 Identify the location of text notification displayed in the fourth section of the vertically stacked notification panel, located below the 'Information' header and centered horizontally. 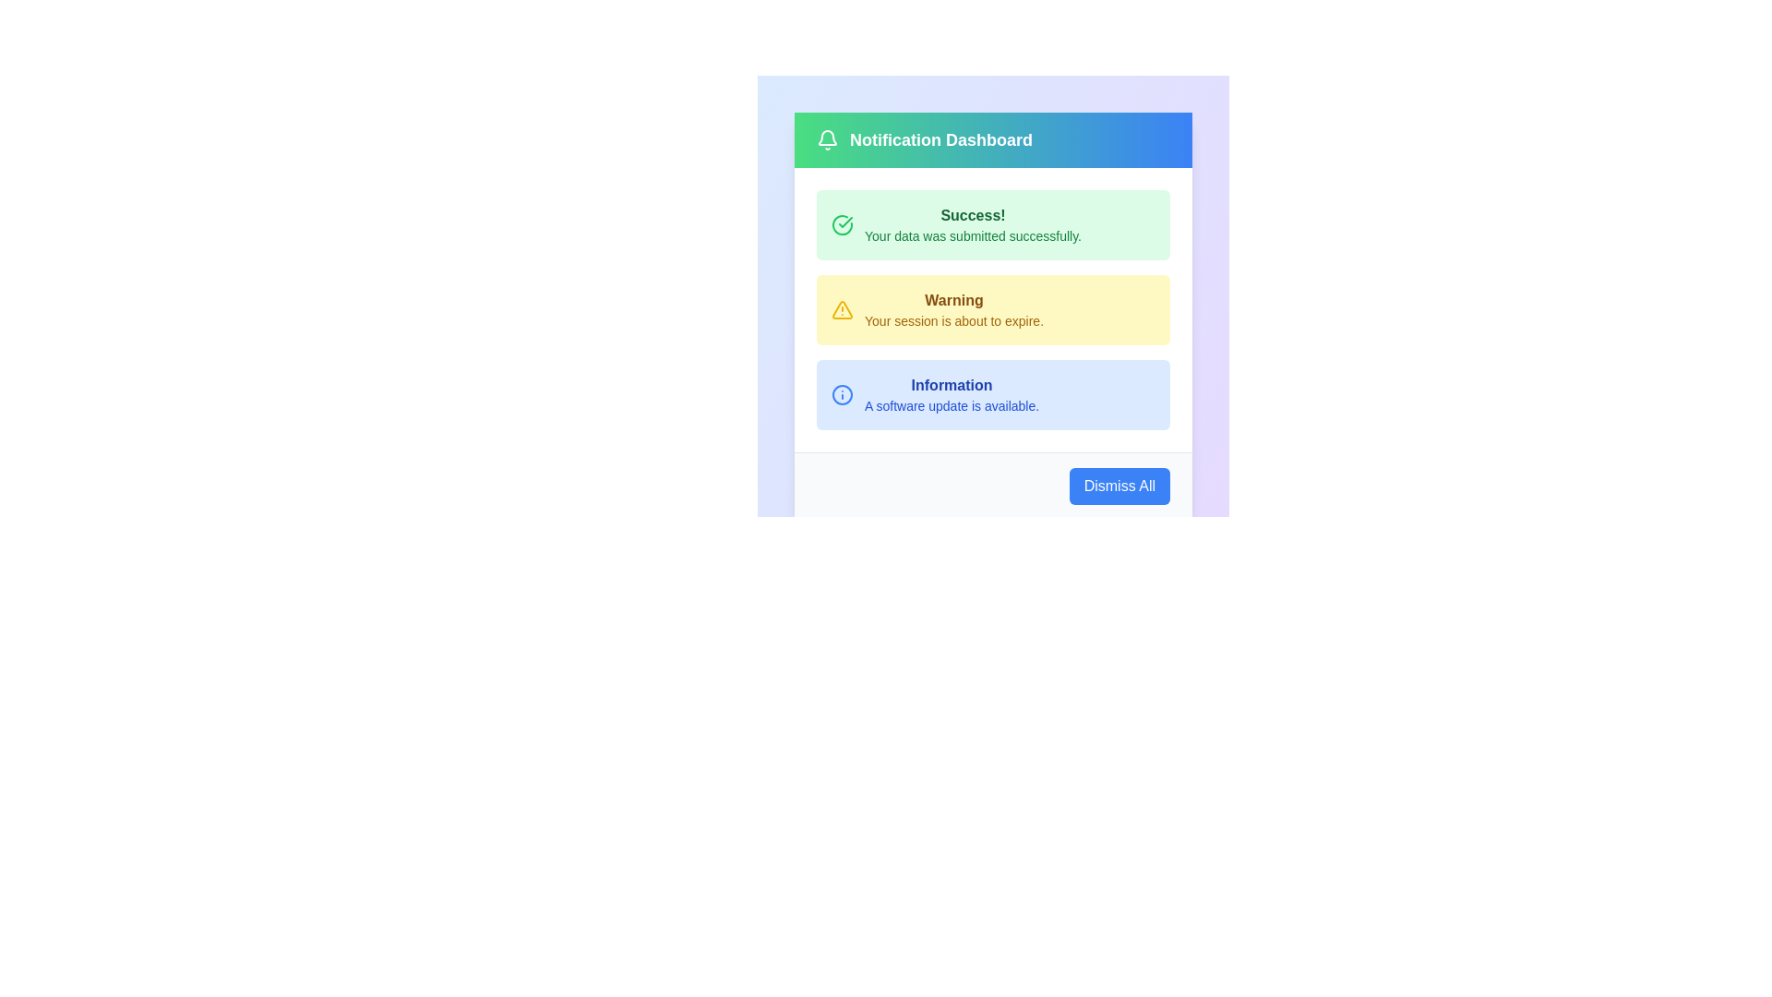
(952, 404).